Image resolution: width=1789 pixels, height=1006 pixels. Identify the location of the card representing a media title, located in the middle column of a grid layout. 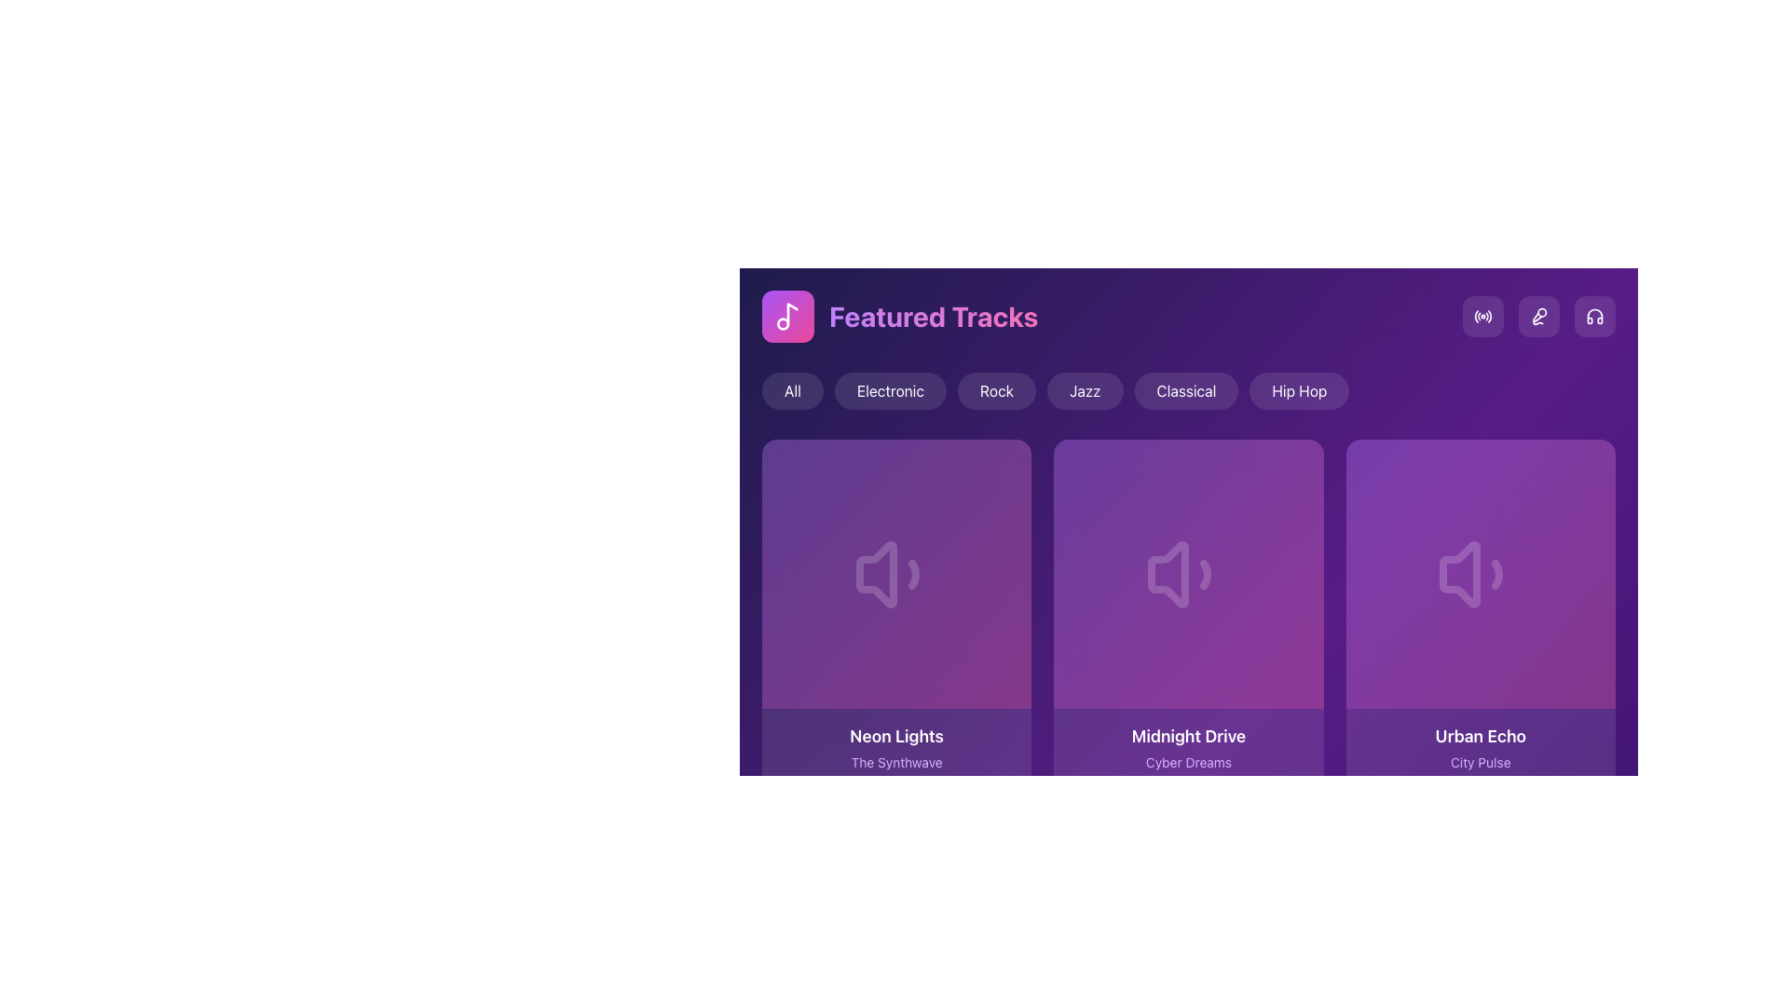
(1188, 629).